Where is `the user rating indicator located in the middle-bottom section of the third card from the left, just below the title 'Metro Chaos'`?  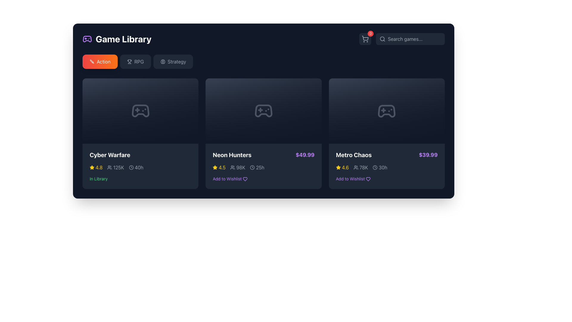
the user rating indicator located in the middle-bottom section of the third card from the left, just below the title 'Metro Chaos' is located at coordinates (342, 168).